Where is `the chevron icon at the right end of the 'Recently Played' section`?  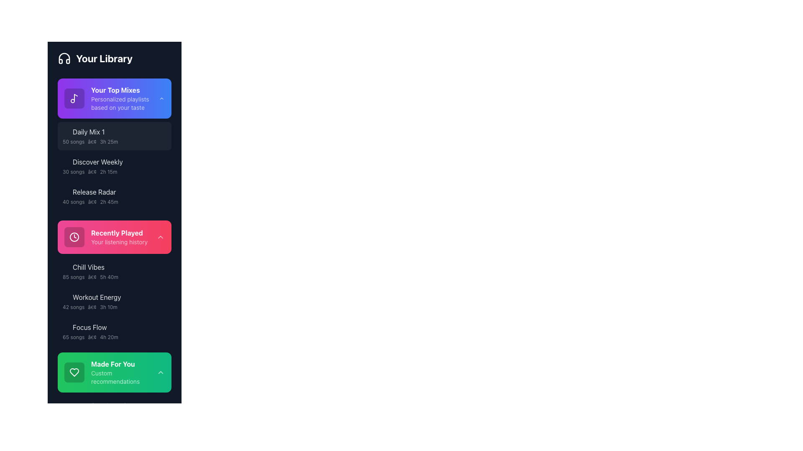 the chevron icon at the right end of the 'Recently Played' section is located at coordinates (161, 237).